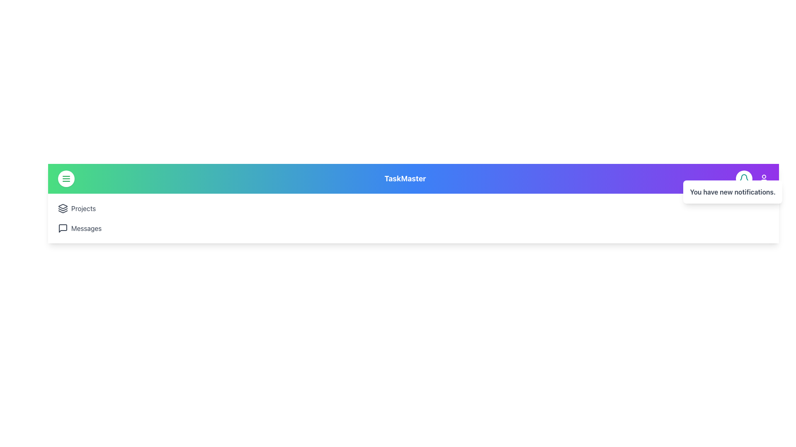  What do you see at coordinates (405, 178) in the screenshot?
I see `the bold text label displaying 'TaskMaster' with a large font size, styled with a white font color against a gradient blue background` at bounding box center [405, 178].